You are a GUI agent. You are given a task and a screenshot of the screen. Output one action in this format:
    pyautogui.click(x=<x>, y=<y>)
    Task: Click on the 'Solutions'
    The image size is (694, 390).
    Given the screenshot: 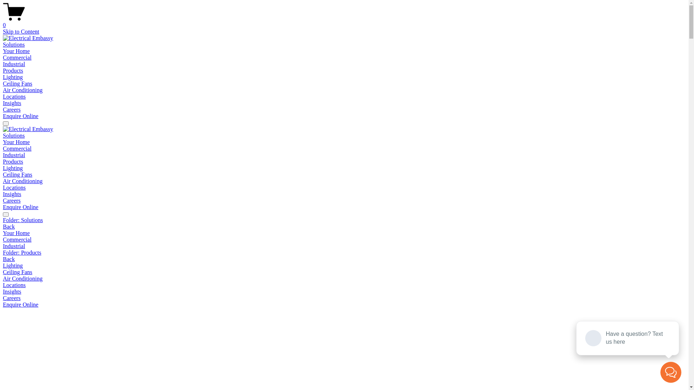 What is the action you would take?
    pyautogui.click(x=14, y=44)
    